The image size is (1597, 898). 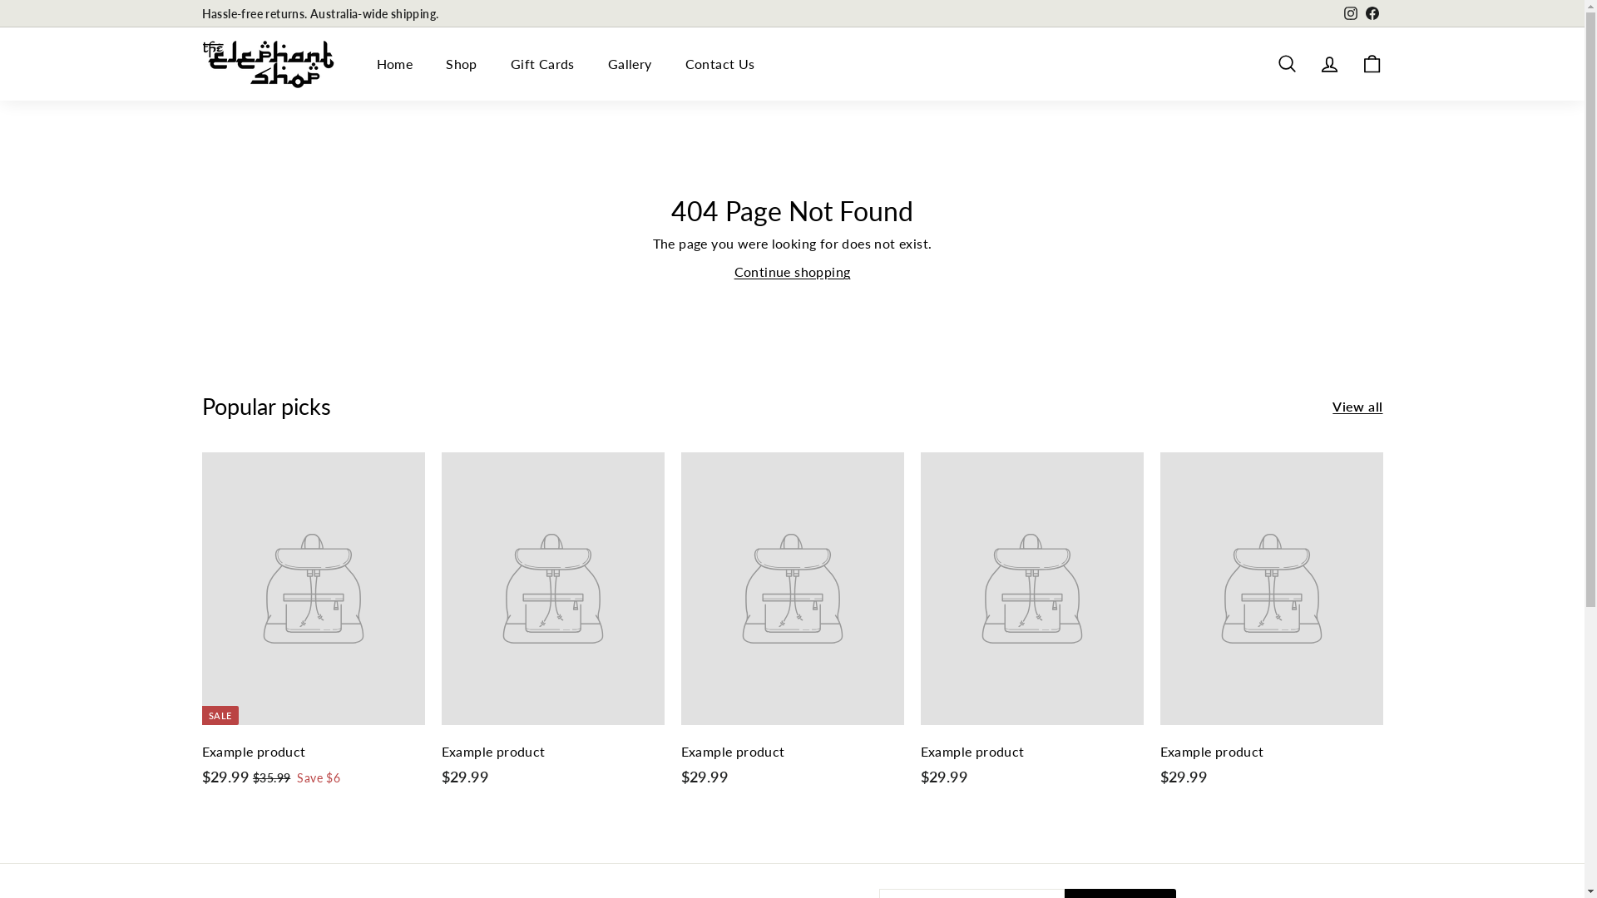 What do you see at coordinates (1372, 12) in the screenshot?
I see `'Facebook'` at bounding box center [1372, 12].